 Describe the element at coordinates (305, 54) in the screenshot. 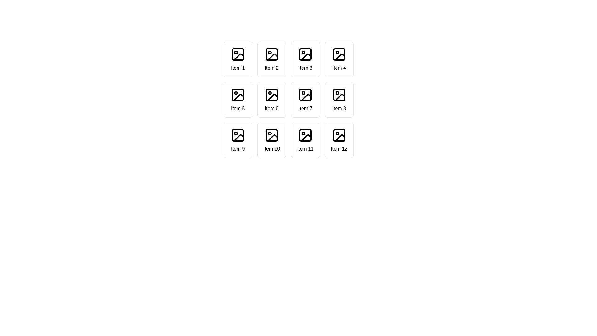

I see `the Graphic Shape, which is a visual component of an icon representing a placeholder shape within an abstract image marker design, located in the third column of the first row of a four-by-three grid layout` at that location.